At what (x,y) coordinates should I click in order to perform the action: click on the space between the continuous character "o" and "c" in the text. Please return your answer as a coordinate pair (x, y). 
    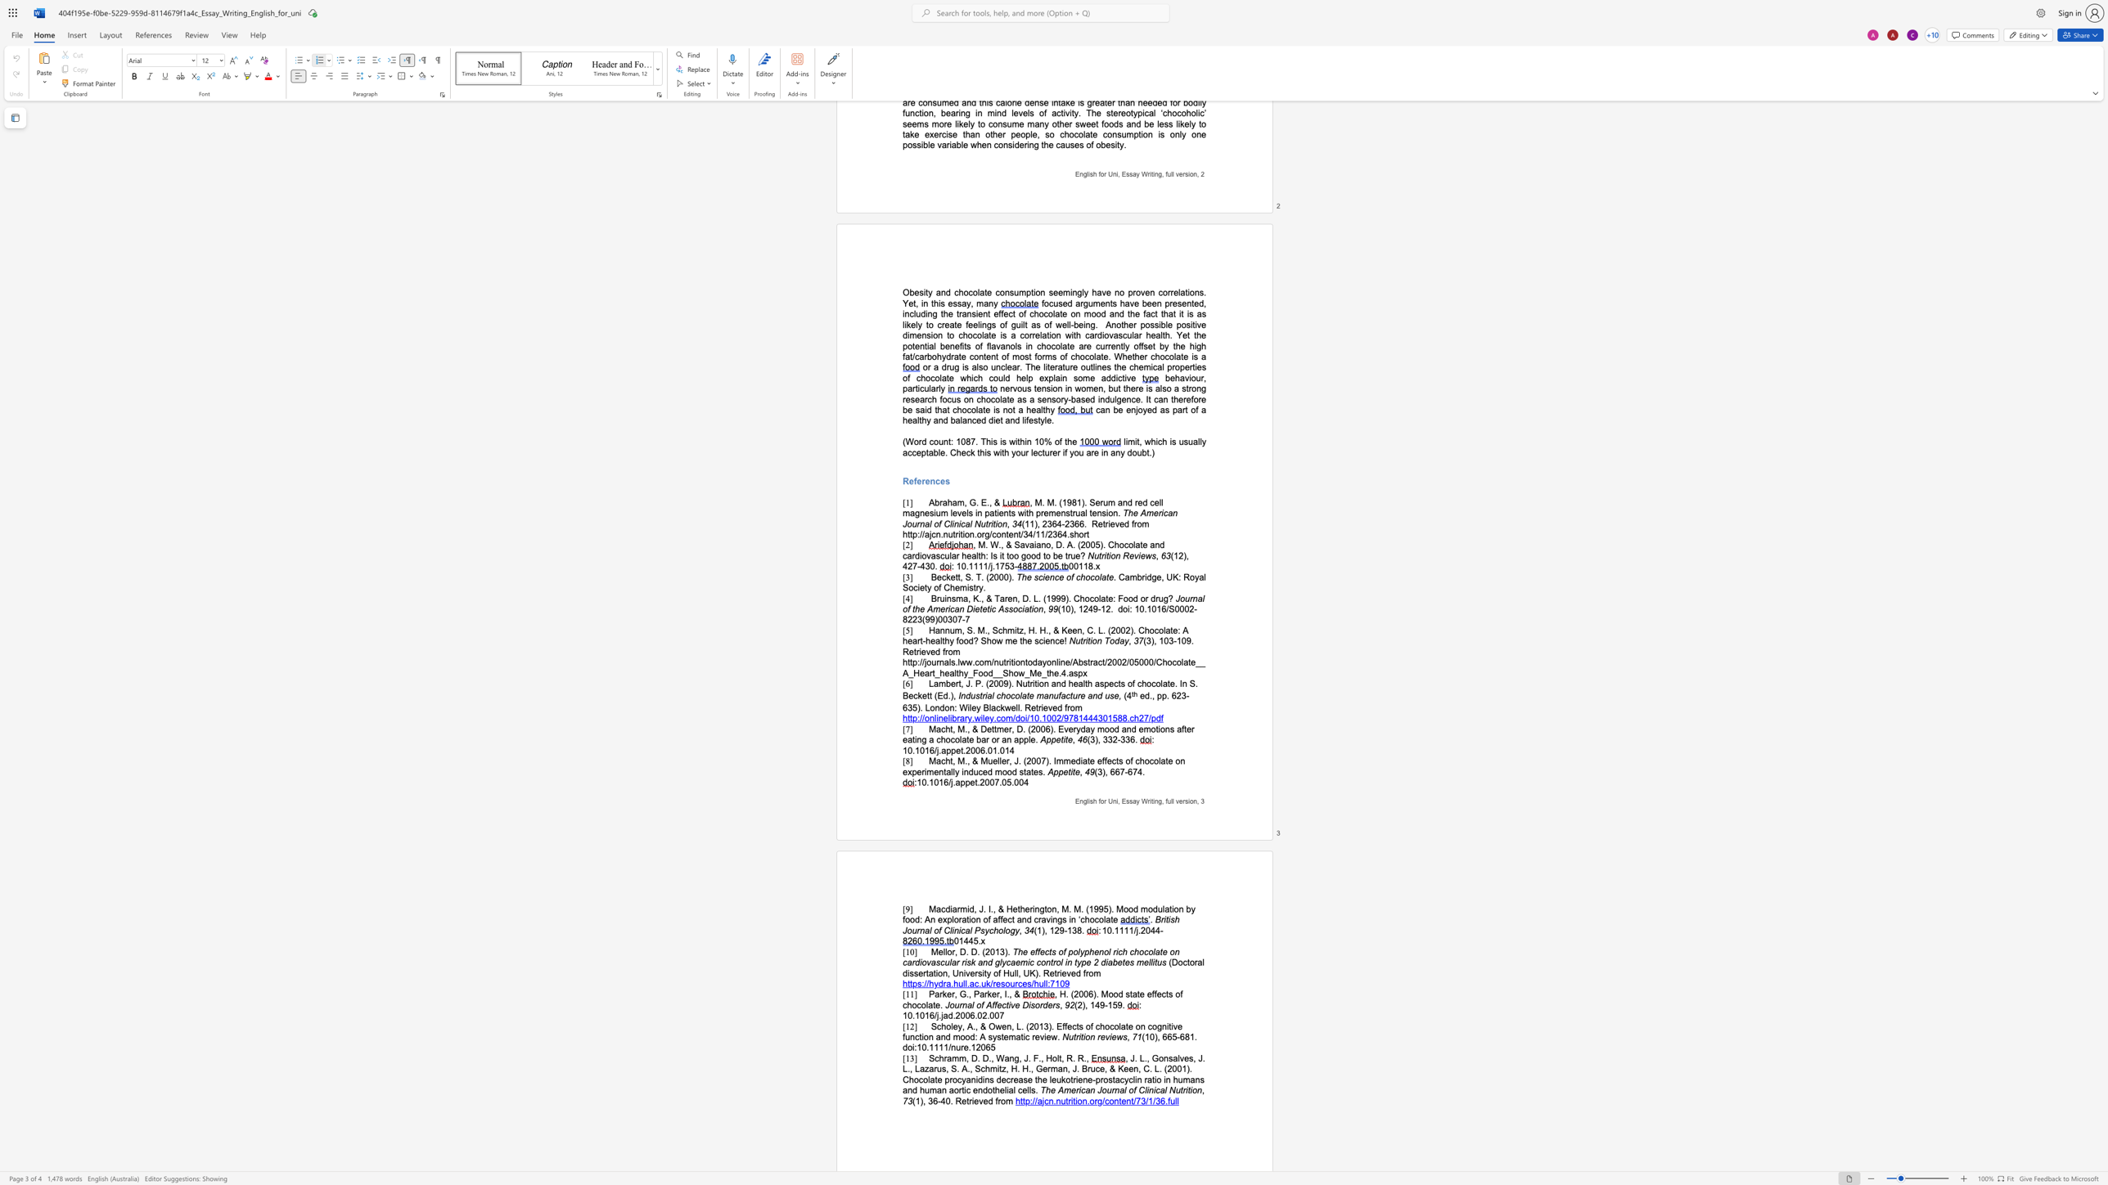
    Looking at the image, I should click on (1143, 951).